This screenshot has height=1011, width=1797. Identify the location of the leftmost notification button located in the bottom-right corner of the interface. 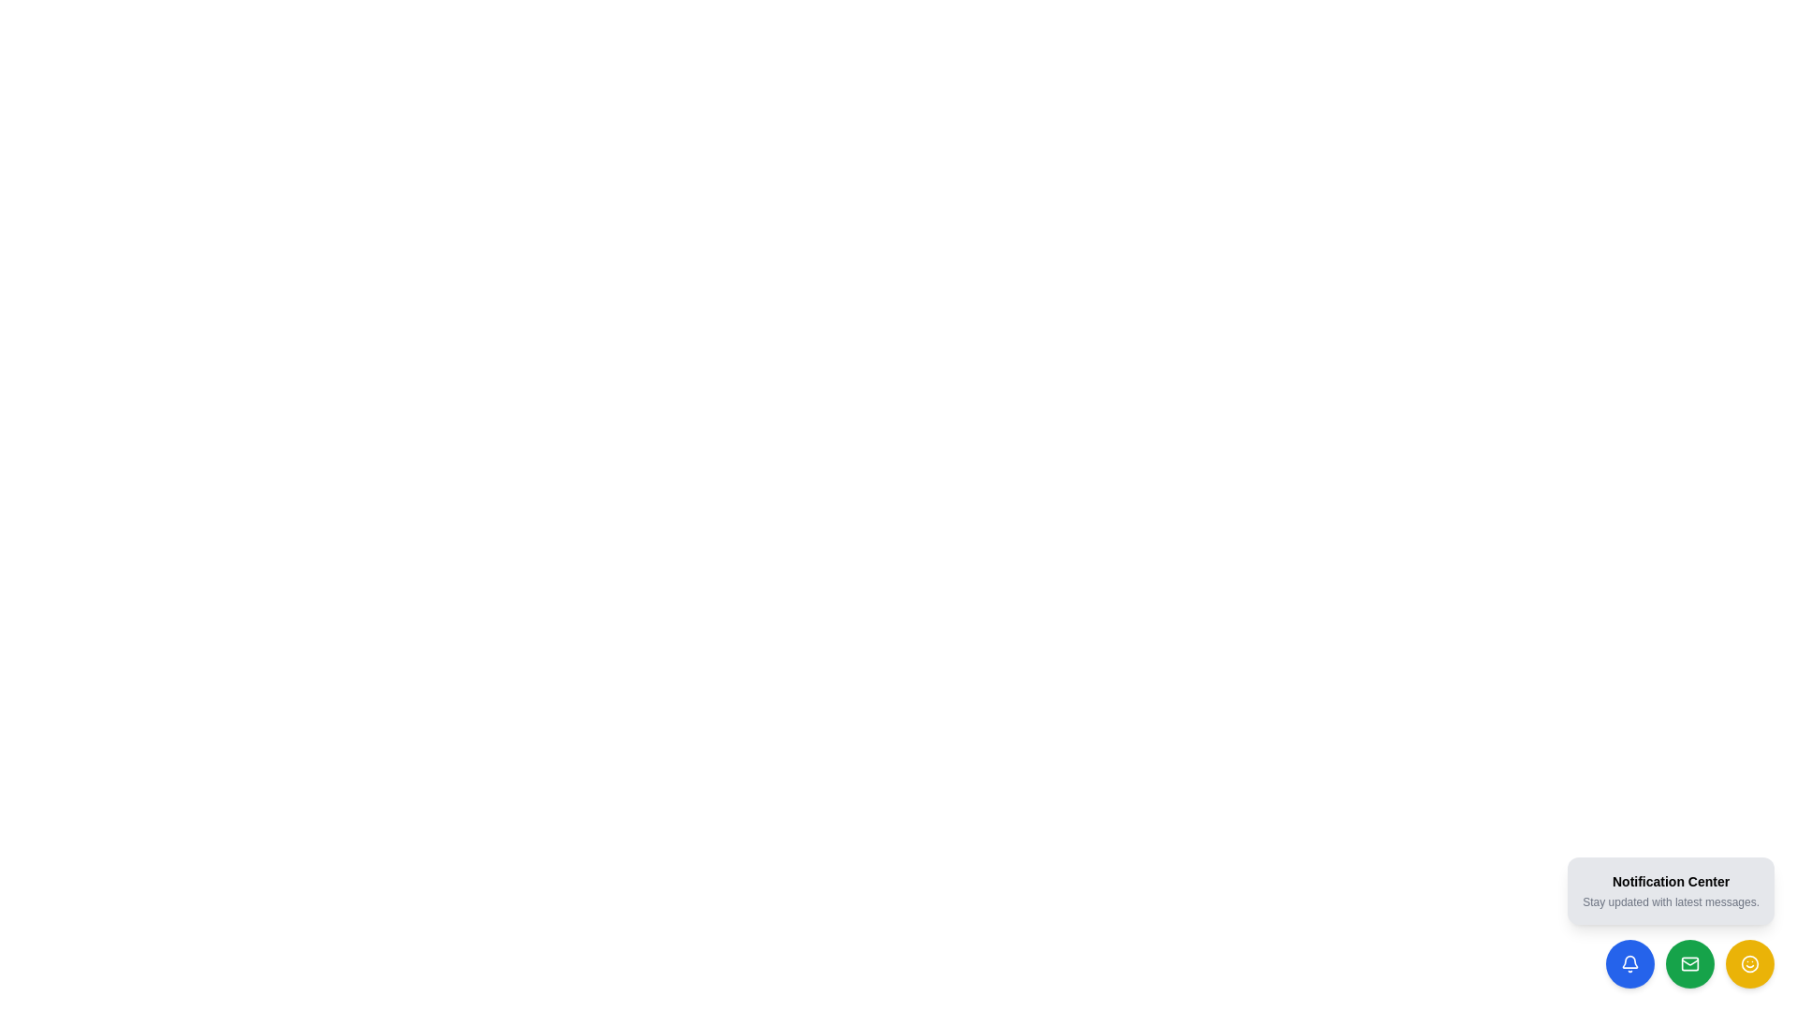
(1629, 963).